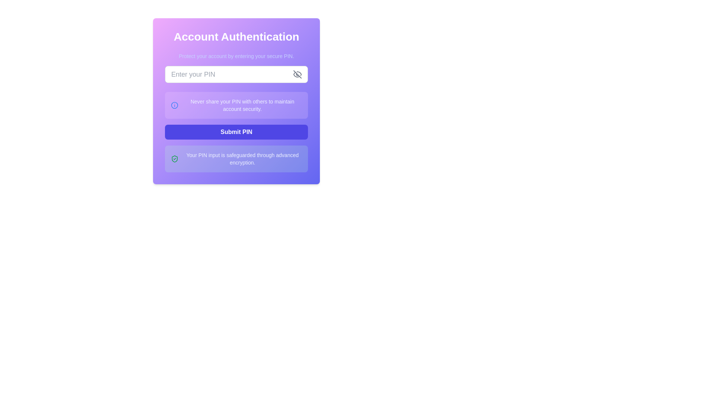 The width and height of the screenshot is (715, 402). I want to click on the 'Submit PIN' button, which is a rectangular button with bold white text on an indigo blue background, centrally positioned below the PIN security notice, so click(236, 131).